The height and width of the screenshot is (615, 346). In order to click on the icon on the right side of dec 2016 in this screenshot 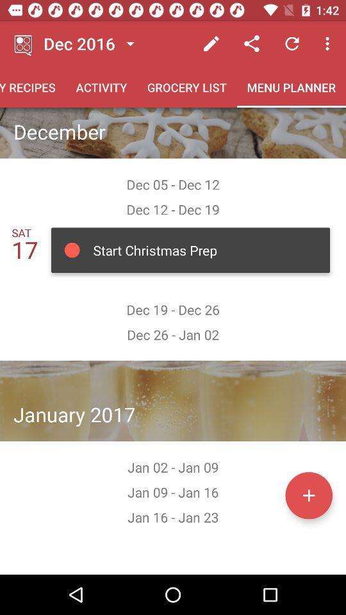, I will do `click(129, 44)`.